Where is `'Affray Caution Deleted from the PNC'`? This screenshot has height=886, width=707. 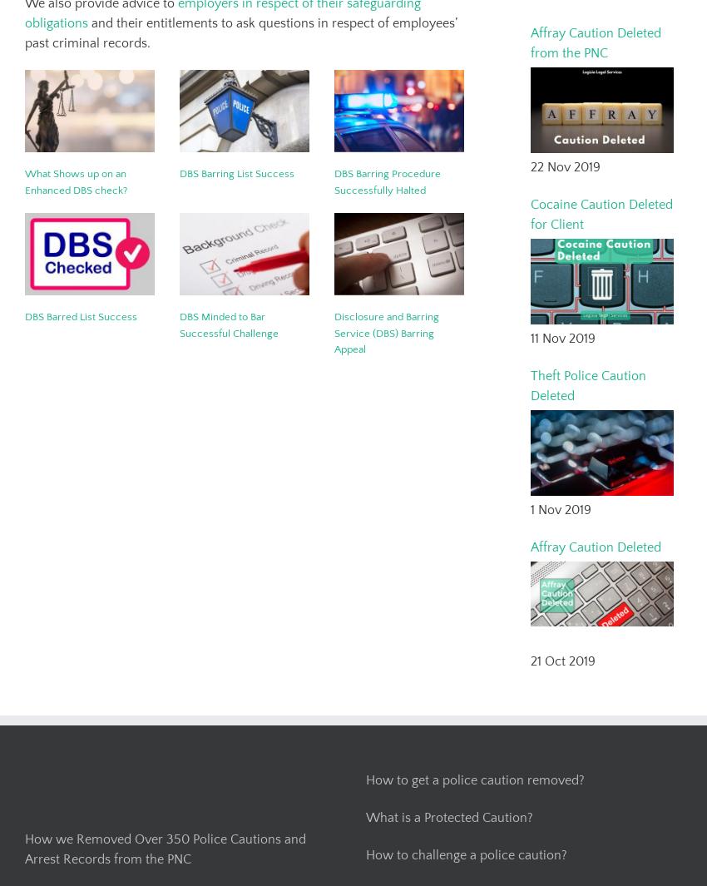
'Affray Caution Deleted from the PNC' is located at coordinates (531, 42).